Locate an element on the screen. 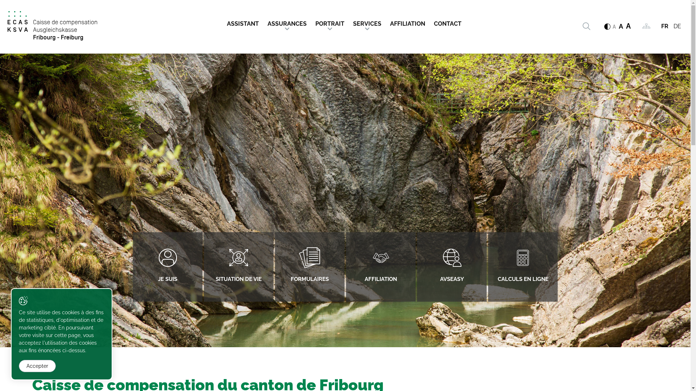 The width and height of the screenshot is (696, 391). 'PORTRAIT' is located at coordinates (330, 21).